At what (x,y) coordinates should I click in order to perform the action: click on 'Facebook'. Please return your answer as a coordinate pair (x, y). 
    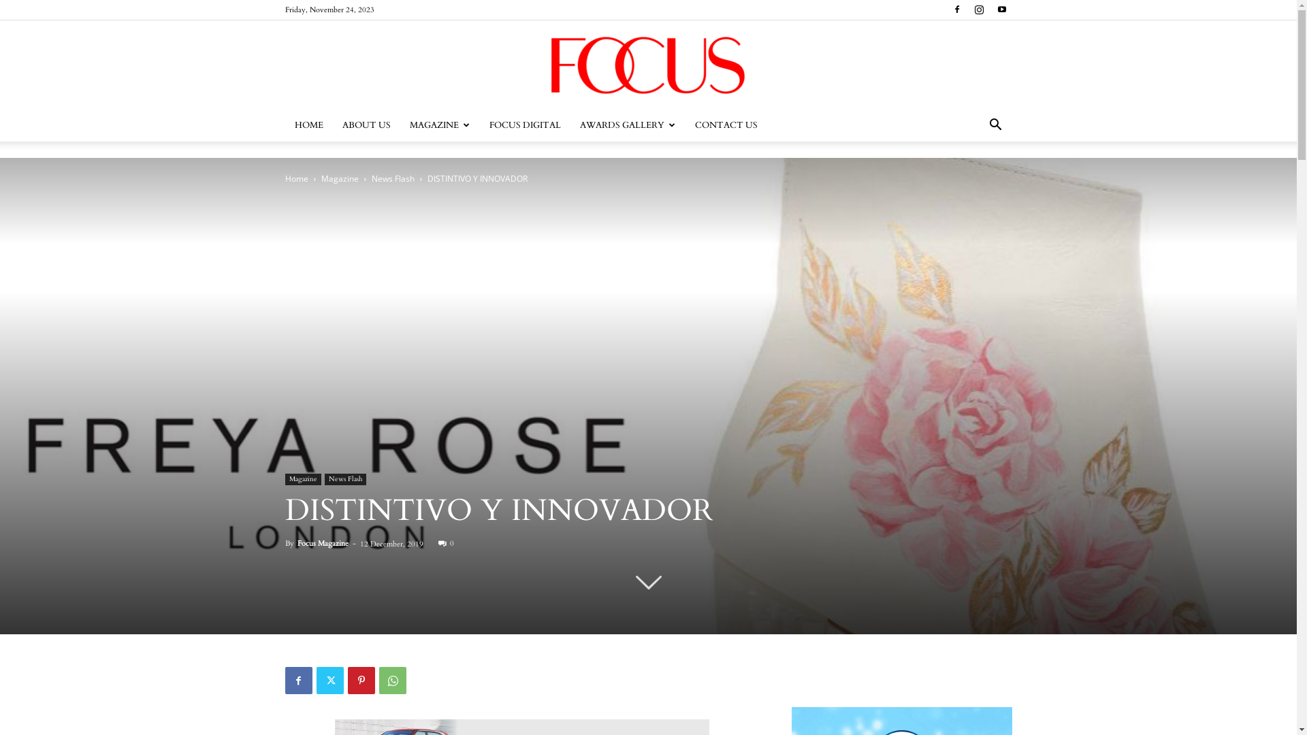
    Looking at the image, I should click on (297, 680).